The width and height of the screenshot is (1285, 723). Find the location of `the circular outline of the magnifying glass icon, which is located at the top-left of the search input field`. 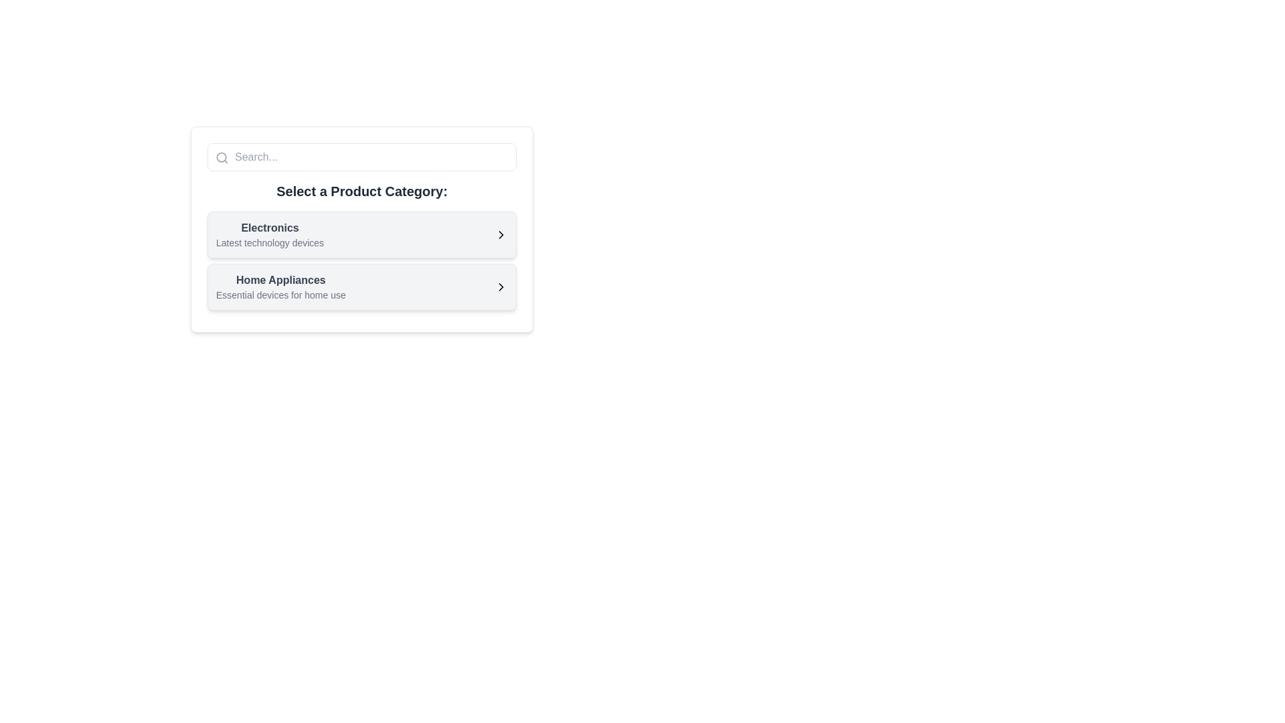

the circular outline of the magnifying glass icon, which is located at the top-left of the search input field is located at coordinates (222, 157).